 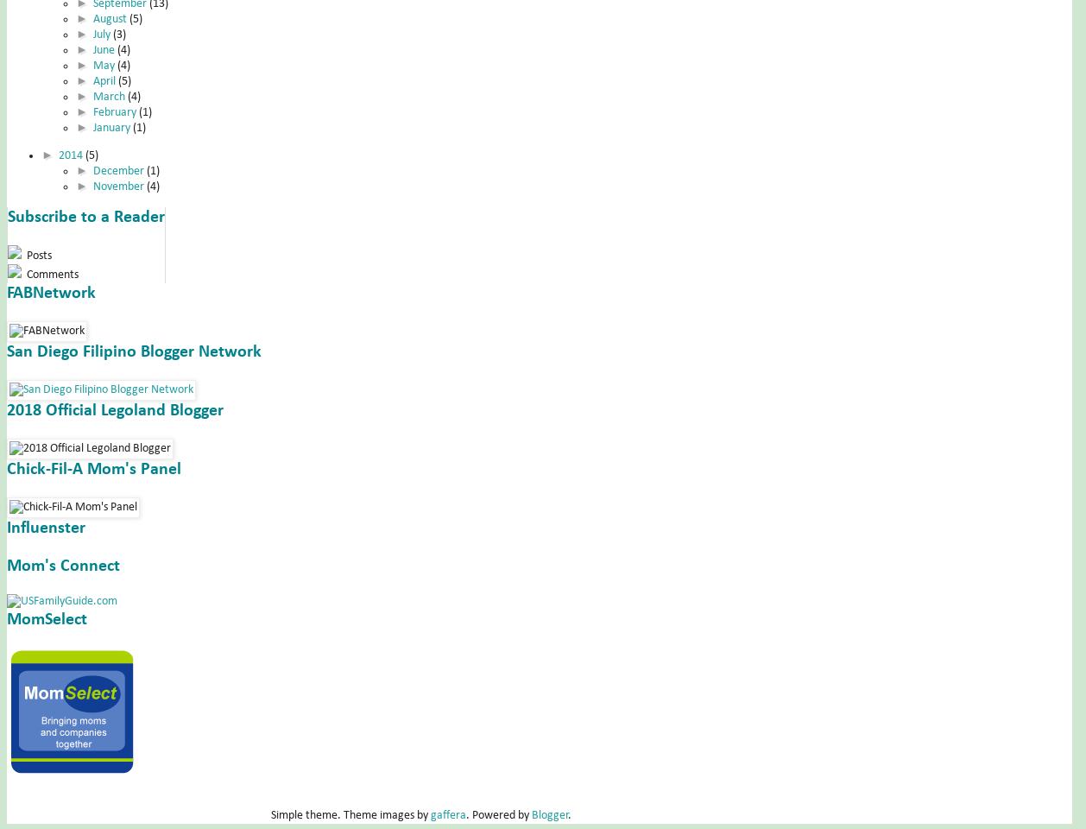 I want to click on 'December', so click(x=119, y=170).